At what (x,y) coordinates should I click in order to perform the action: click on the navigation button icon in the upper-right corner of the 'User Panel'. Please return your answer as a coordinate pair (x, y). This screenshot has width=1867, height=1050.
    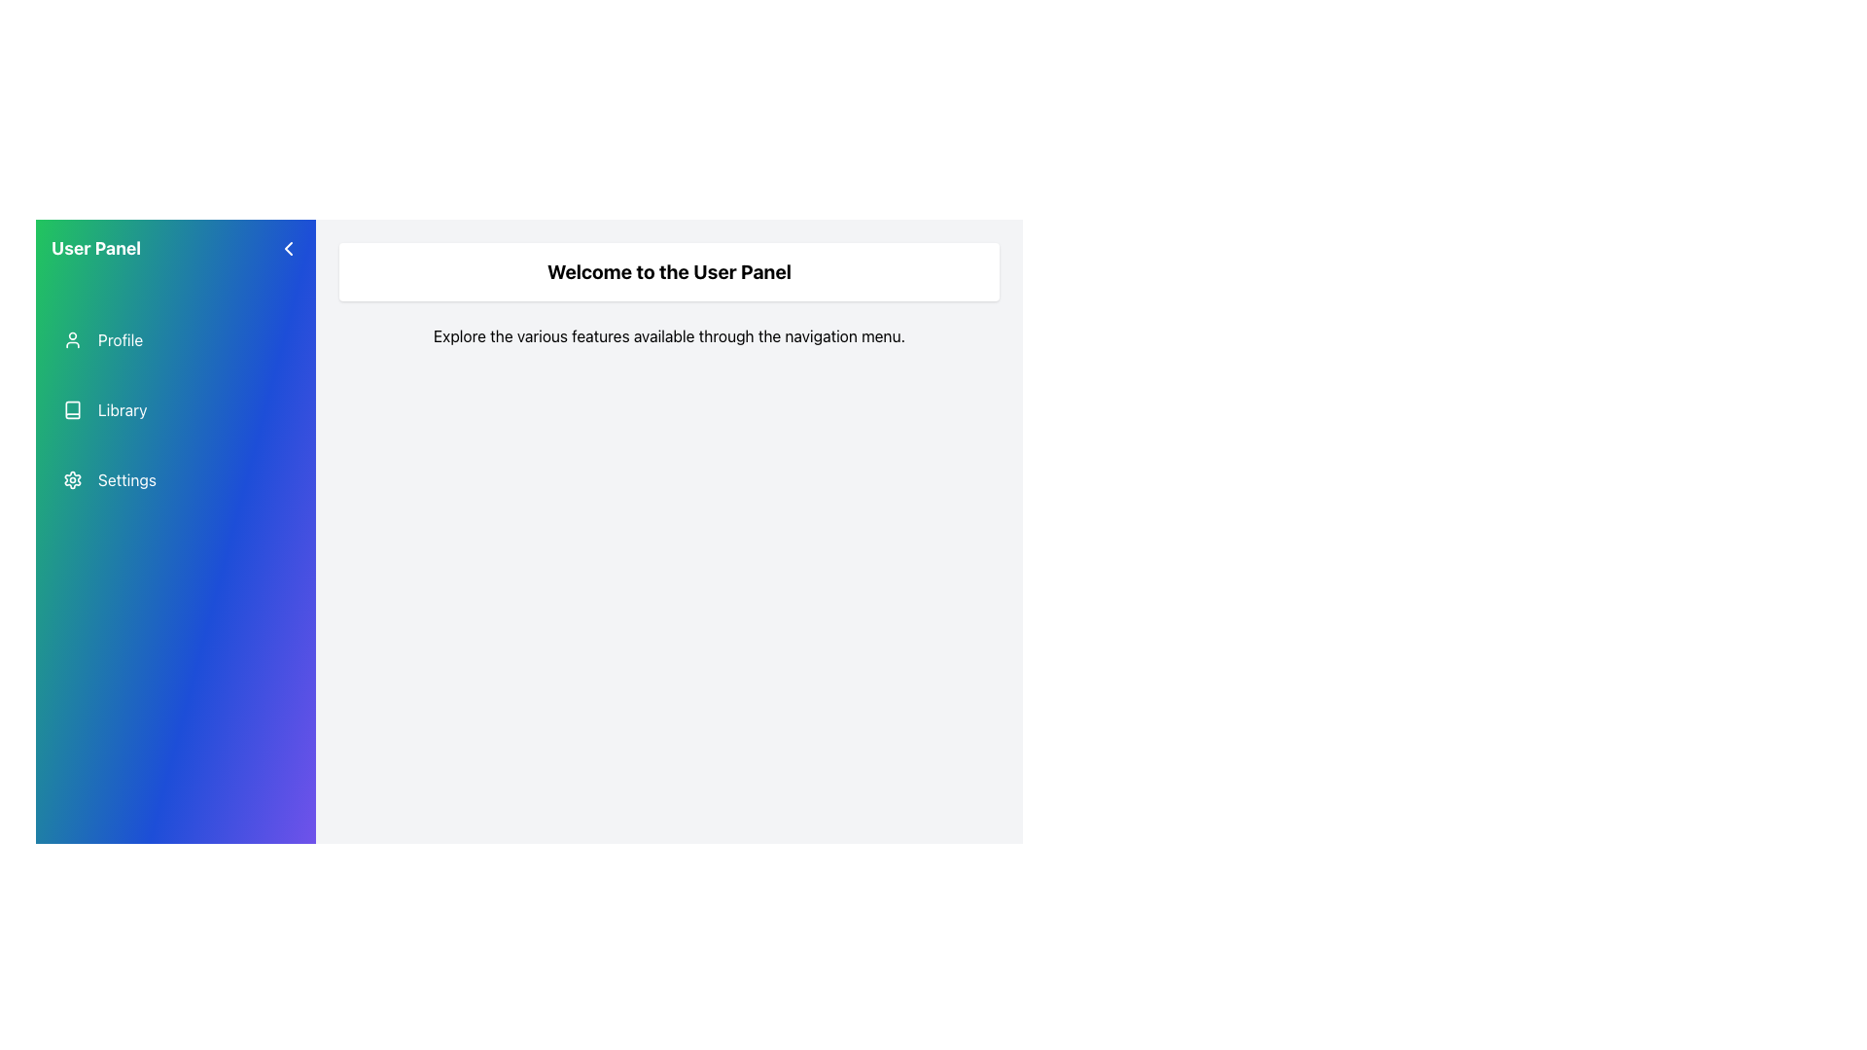
    Looking at the image, I should click on (288, 247).